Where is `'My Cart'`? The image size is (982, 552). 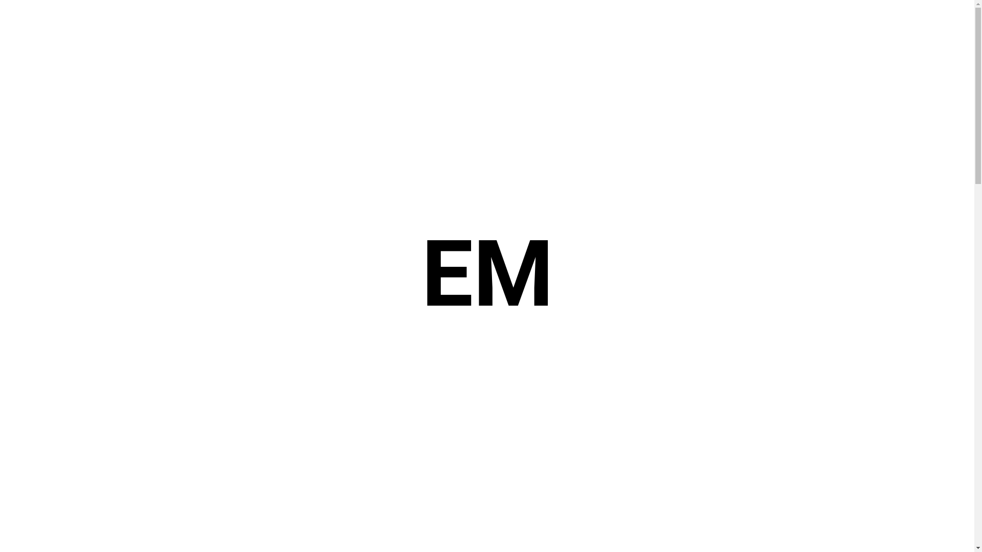 'My Cart' is located at coordinates (910, 23).